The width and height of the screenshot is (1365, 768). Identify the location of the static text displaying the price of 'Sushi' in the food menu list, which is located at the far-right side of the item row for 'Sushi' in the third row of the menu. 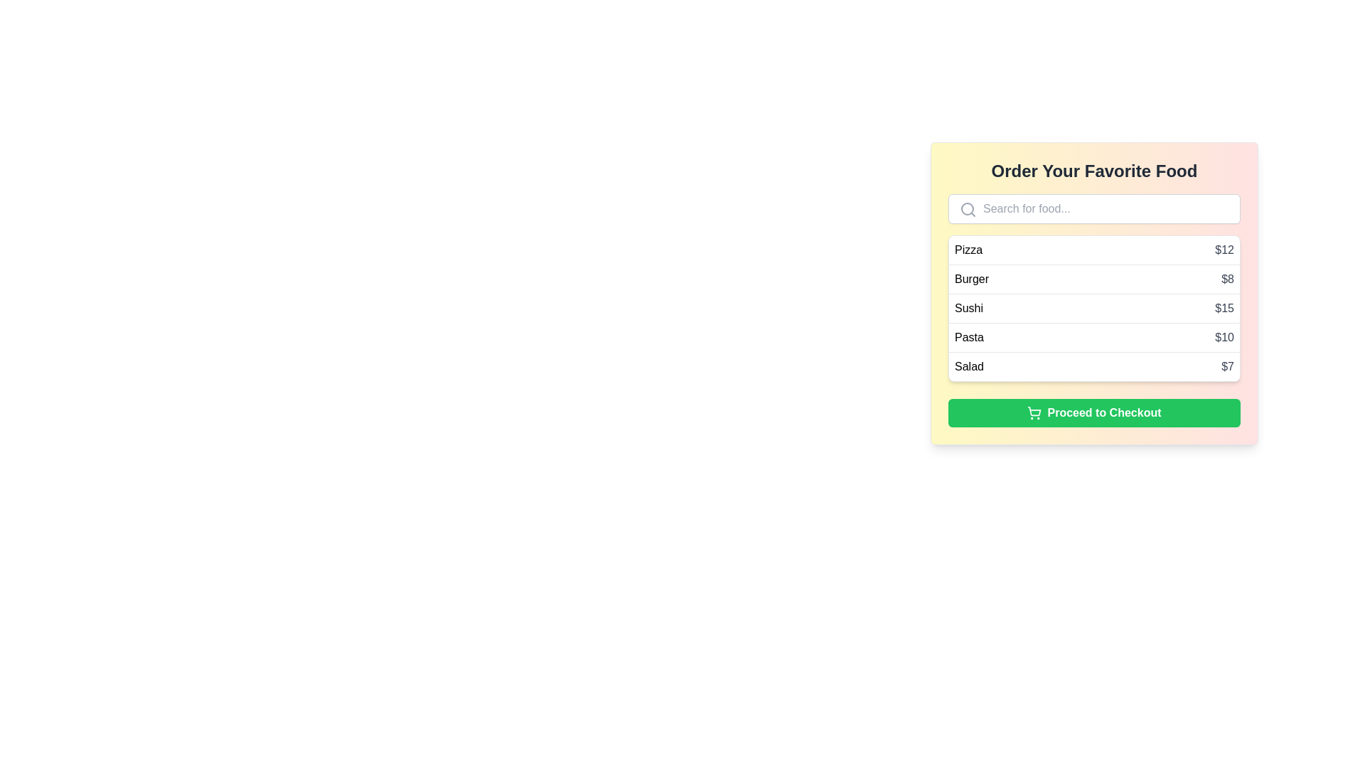
(1224, 308).